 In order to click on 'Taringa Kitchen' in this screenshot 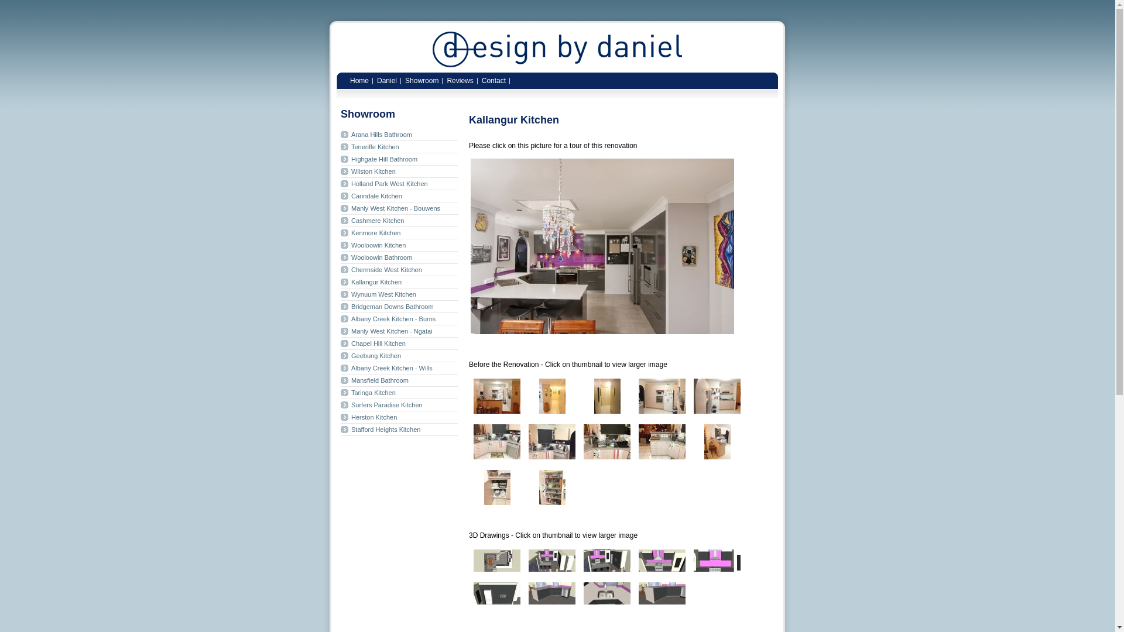, I will do `click(399, 393)`.